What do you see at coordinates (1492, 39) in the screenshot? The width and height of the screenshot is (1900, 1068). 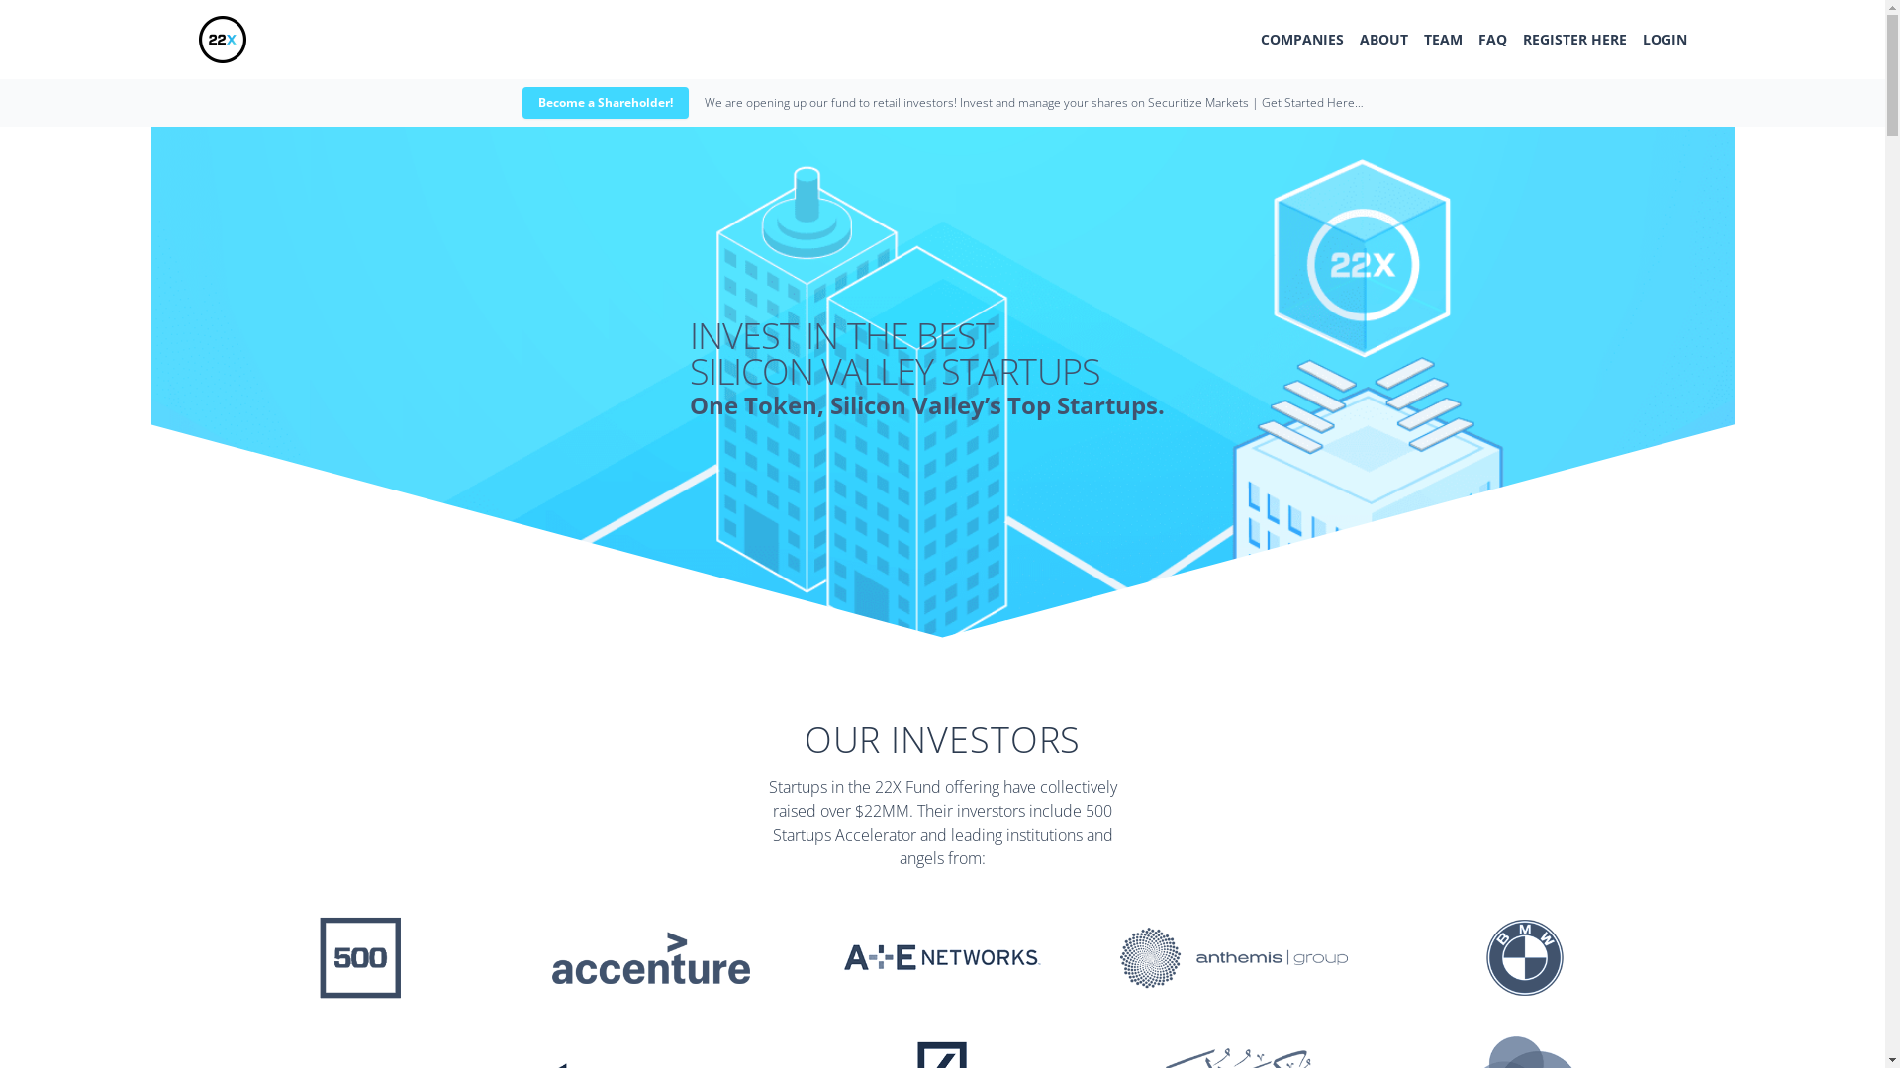 I see `'FAQ'` at bounding box center [1492, 39].